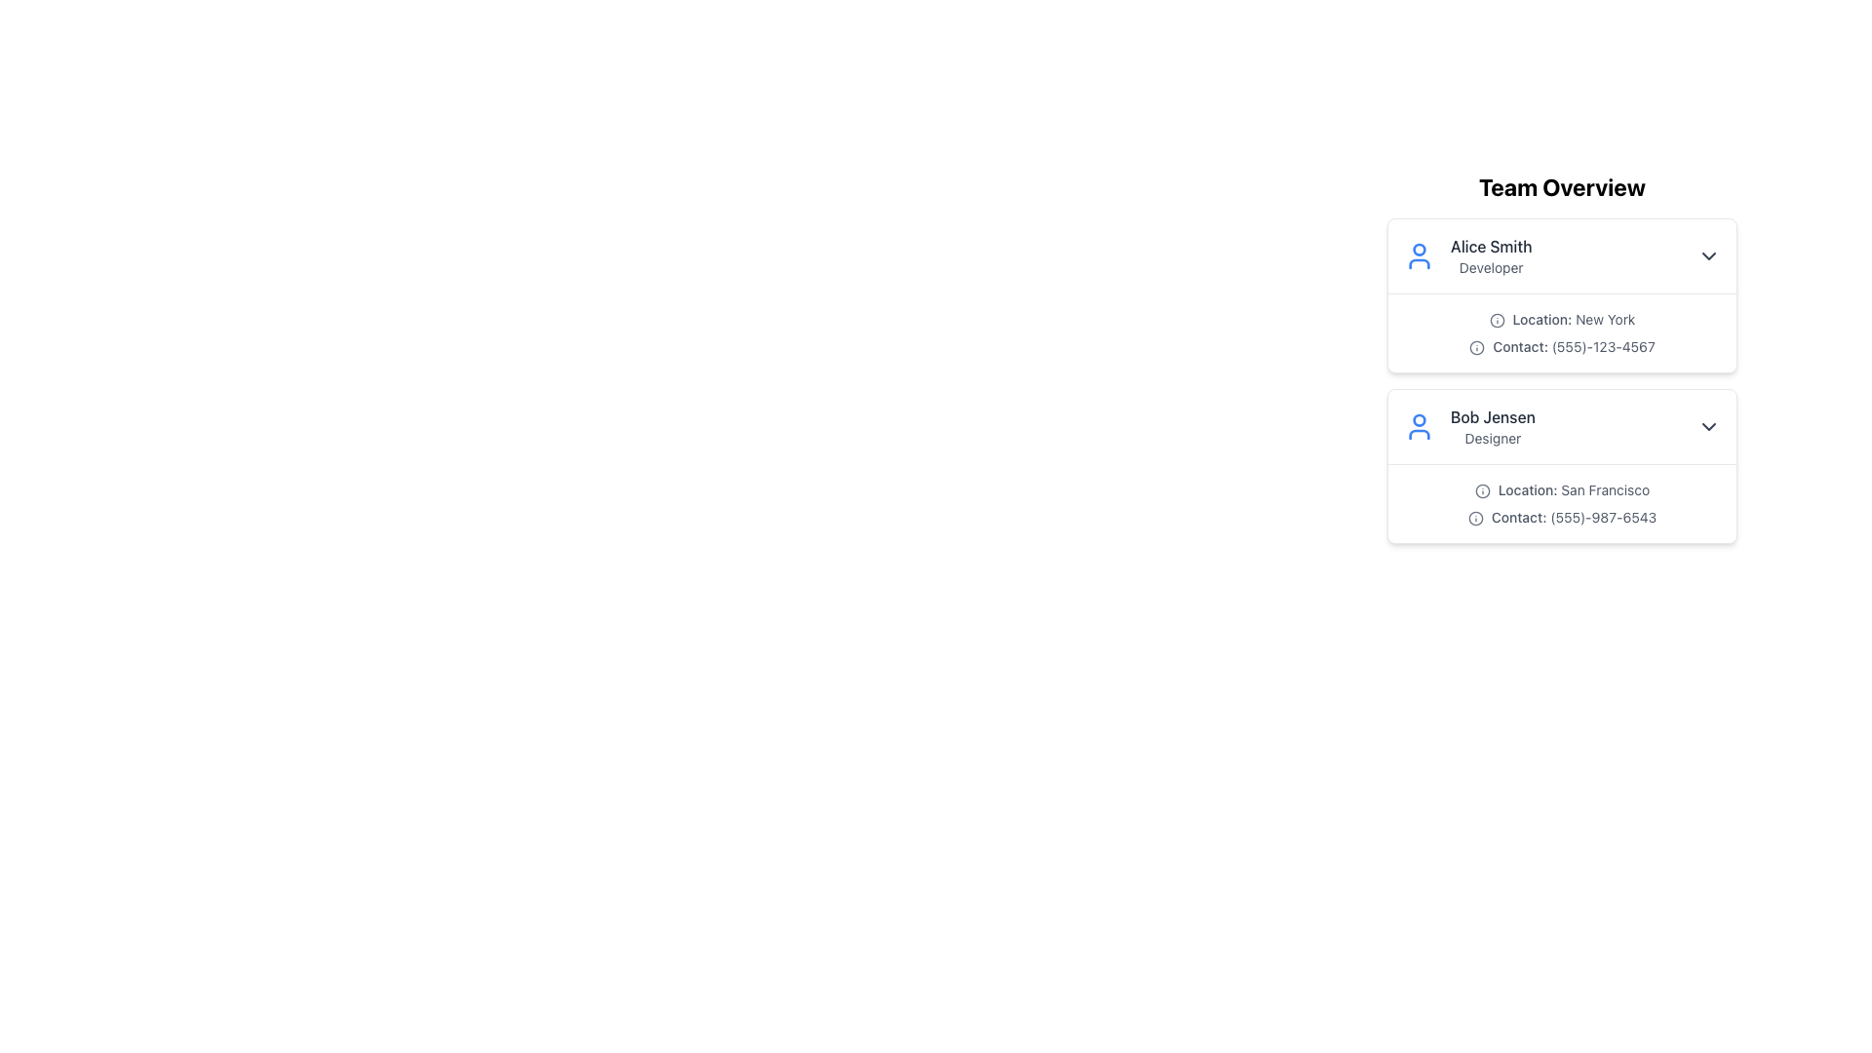 Image resolution: width=1872 pixels, height=1053 pixels. What do you see at coordinates (1467, 254) in the screenshot?
I see `the top entry of the team member summary card located` at bounding box center [1467, 254].